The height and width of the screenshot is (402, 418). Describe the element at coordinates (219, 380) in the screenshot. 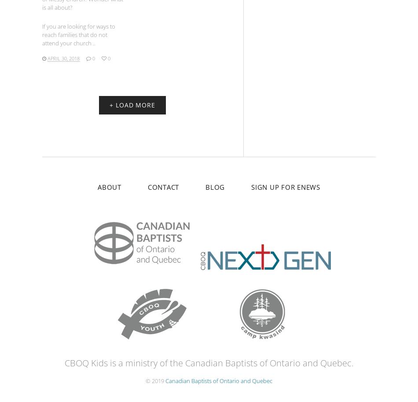

I see `'Canadian Baptists of Ontario and Quebec'` at that location.